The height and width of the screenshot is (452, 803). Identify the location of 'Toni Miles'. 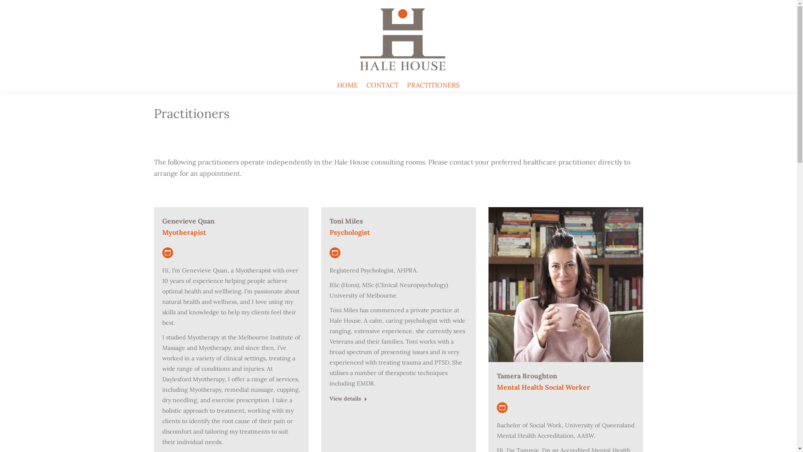
(346, 221).